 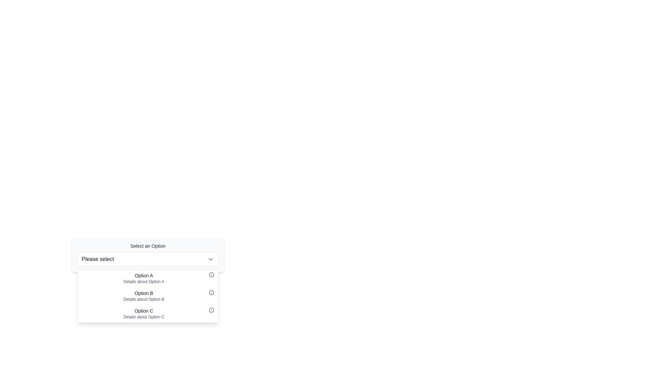 What do you see at coordinates (143, 313) in the screenshot?
I see `the third option labeled 'Option C' in the drop-down menu to prepare for selection` at bounding box center [143, 313].